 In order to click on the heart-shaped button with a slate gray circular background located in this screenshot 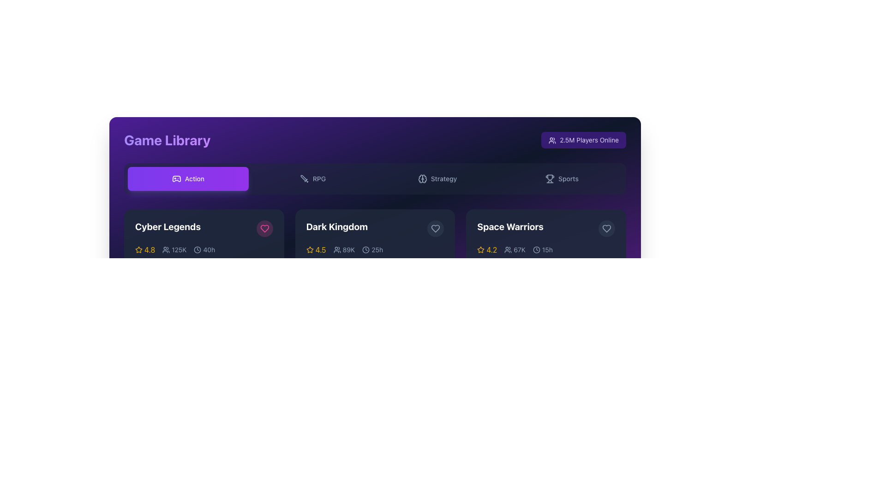, I will do `click(435, 228)`.